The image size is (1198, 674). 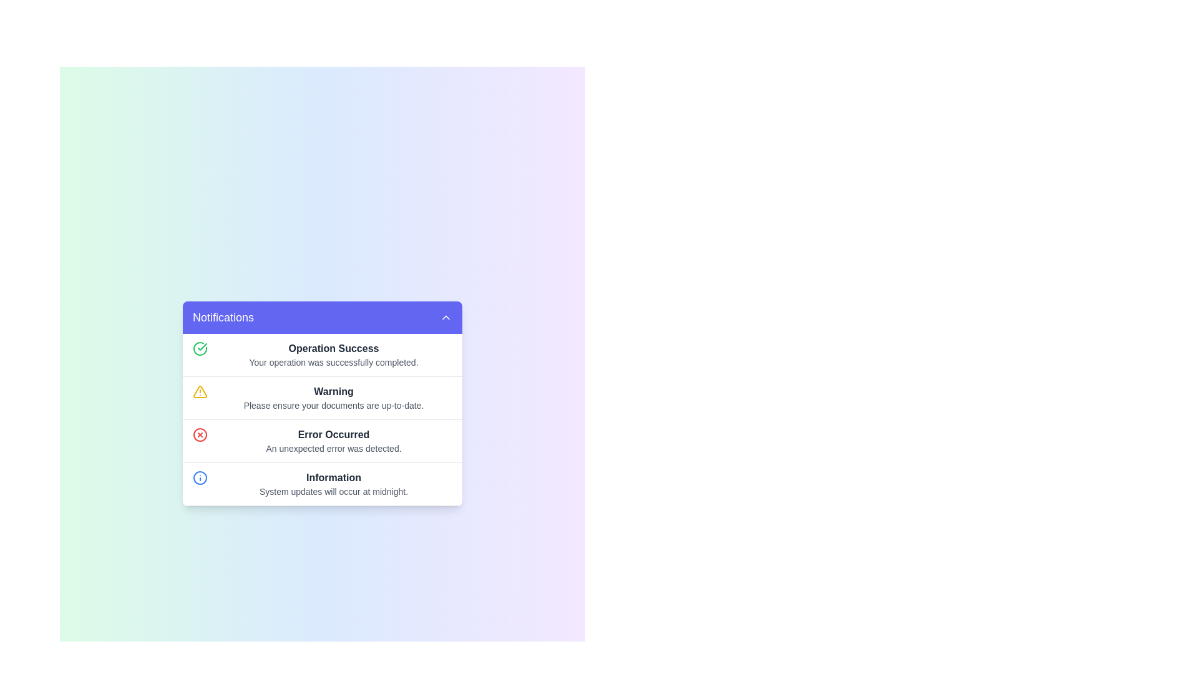 I want to click on the Icon button located in the top-right corner of the header bar containing the 'Notifications' text, so click(x=446, y=317).